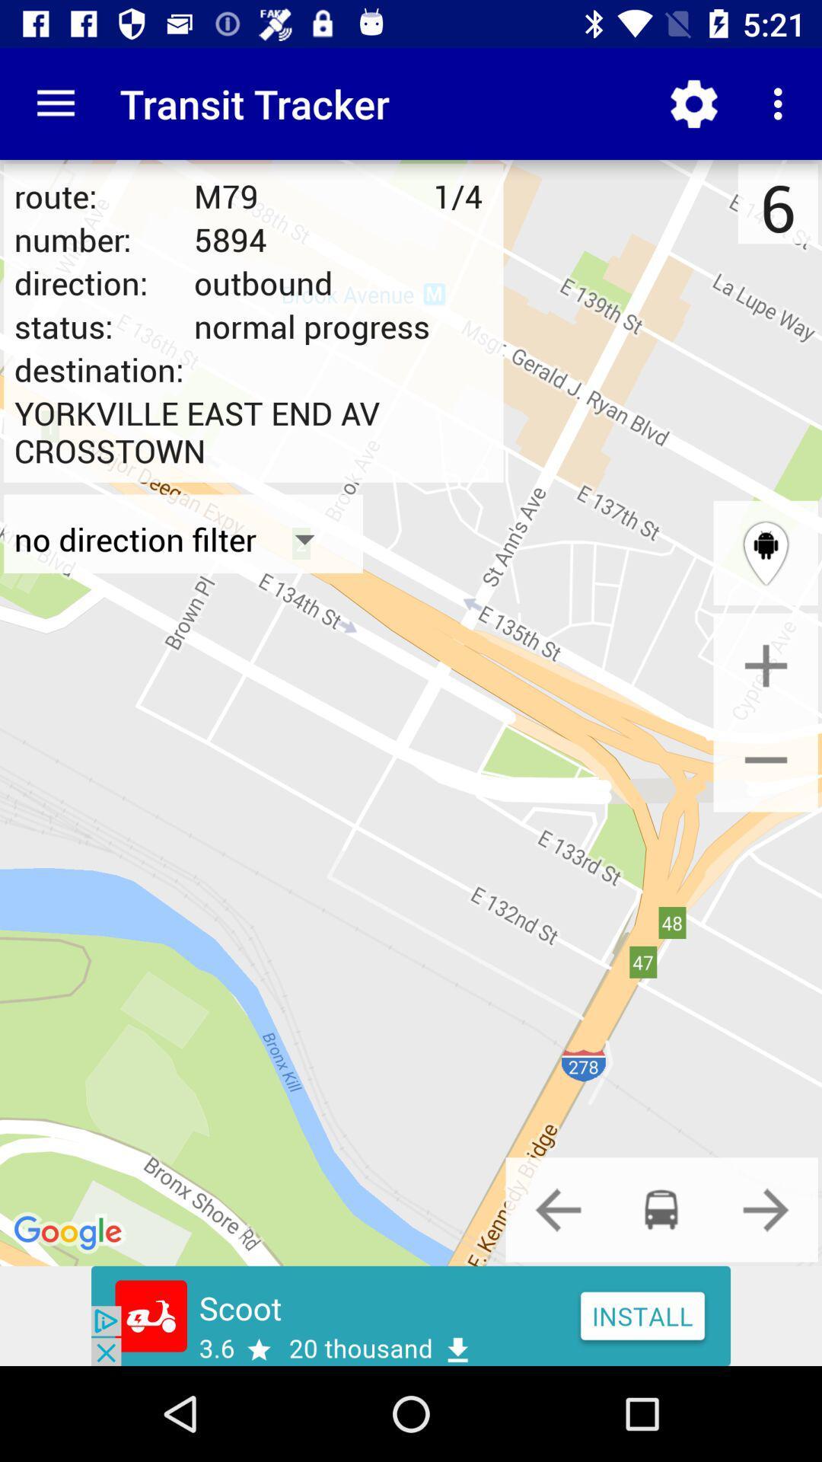 This screenshot has height=1462, width=822. What do you see at coordinates (558, 1208) in the screenshot?
I see `the arrow_backward icon` at bounding box center [558, 1208].